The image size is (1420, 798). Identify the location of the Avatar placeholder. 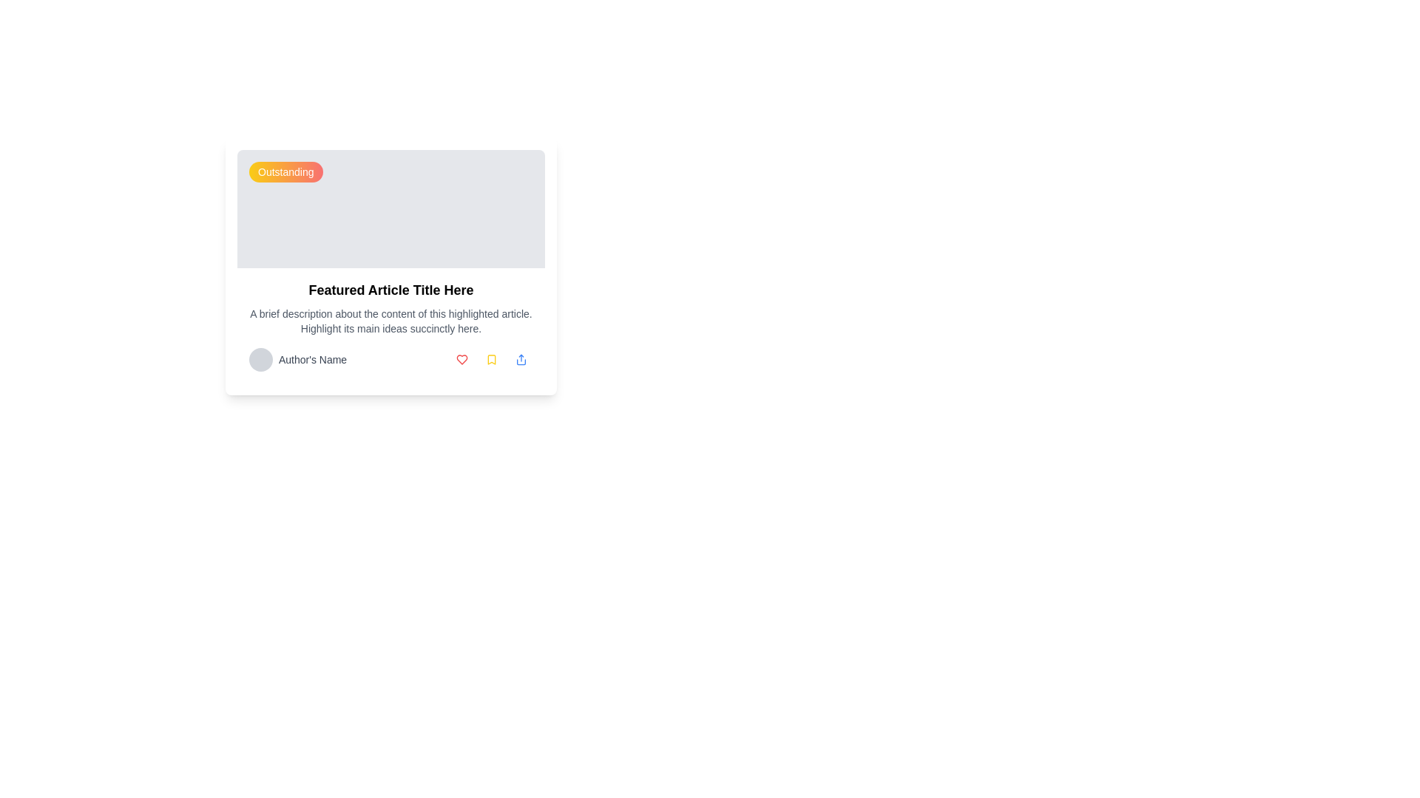
(261, 359).